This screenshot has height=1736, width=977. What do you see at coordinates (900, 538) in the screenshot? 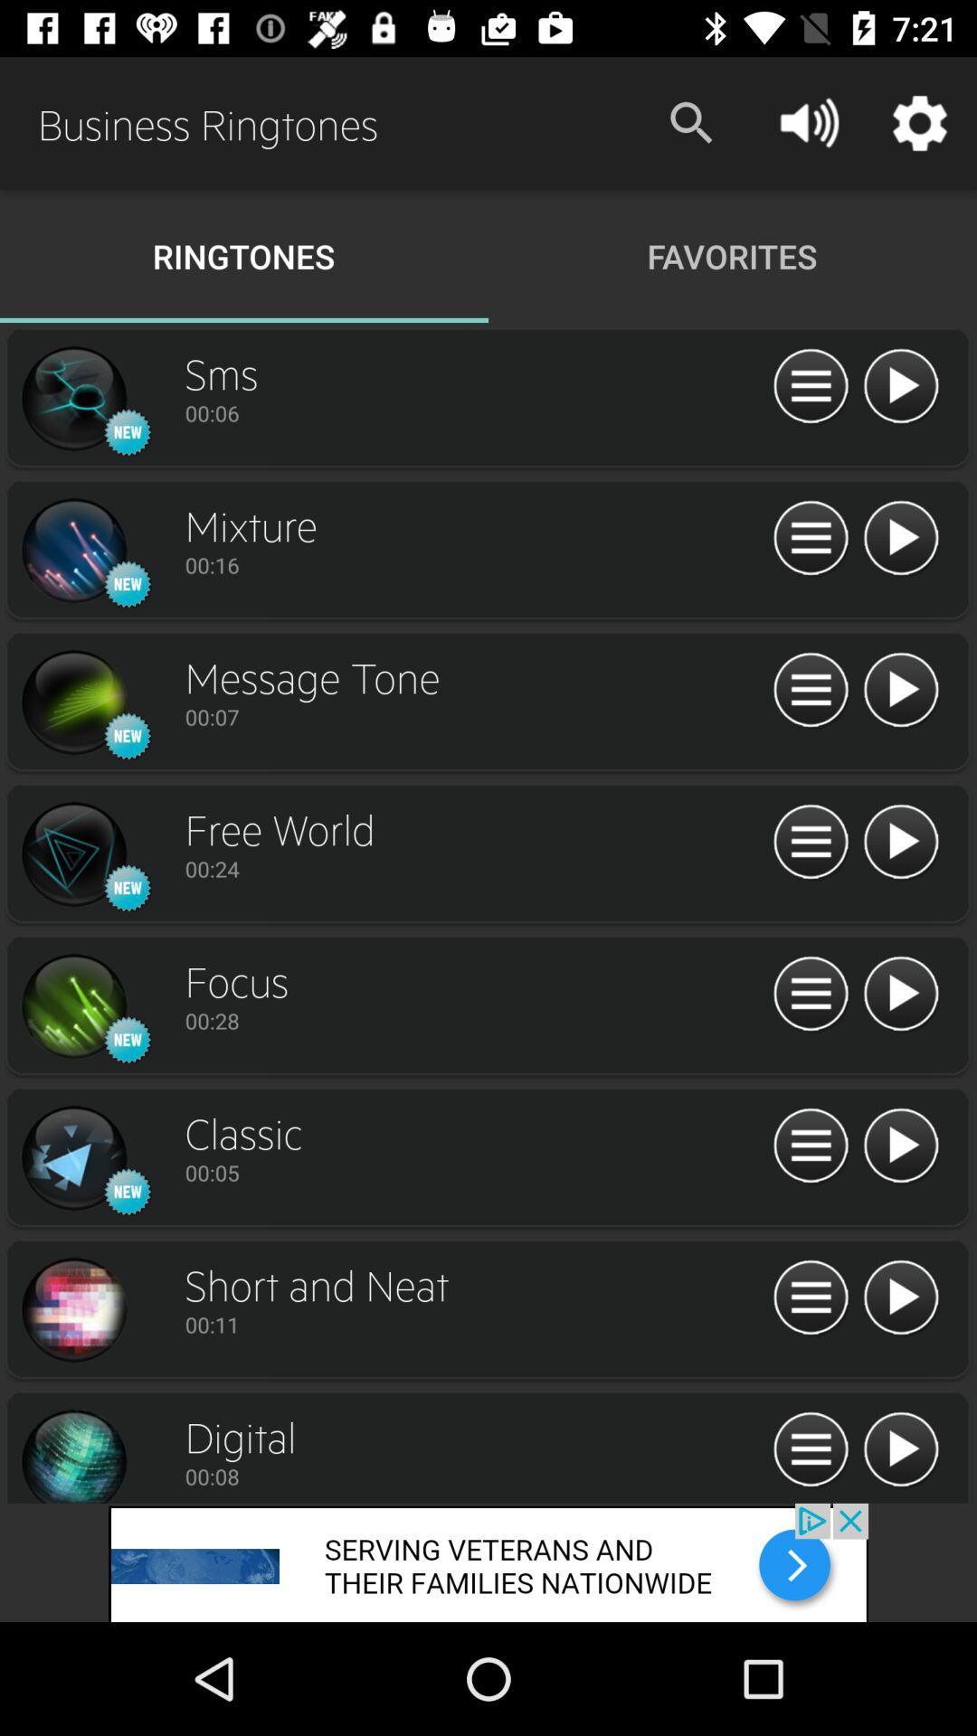
I see `option` at bounding box center [900, 538].